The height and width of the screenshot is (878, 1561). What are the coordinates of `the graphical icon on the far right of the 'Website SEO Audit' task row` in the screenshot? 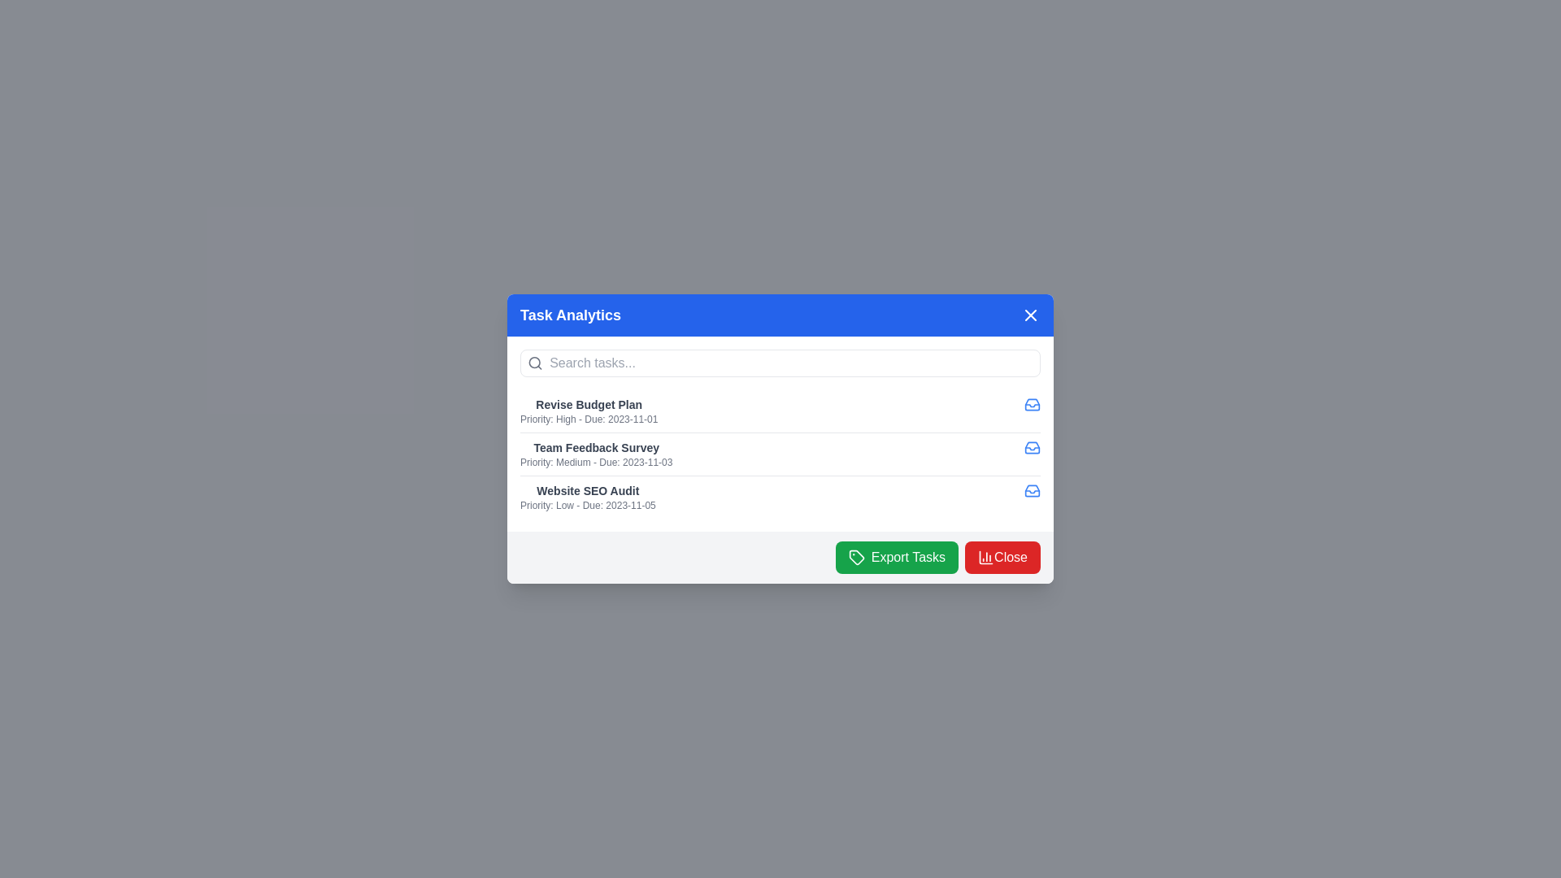 It's located at (1032, 490).